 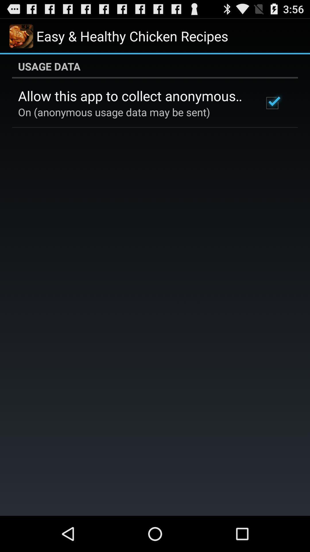 What do you see at coordinates (272, 103) in the screenshot?
I see `the checkbox at the top right corner` at bounding box center [272, 103].